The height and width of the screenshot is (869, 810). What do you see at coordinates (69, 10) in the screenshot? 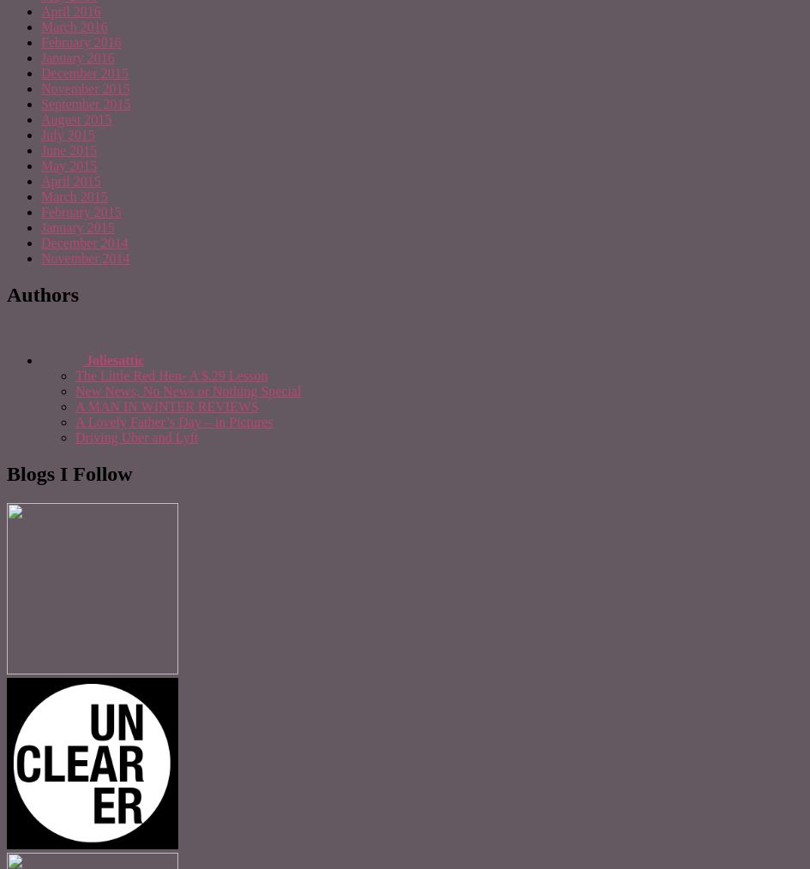
I see `'April 2016'` at bounding box center [69, 10].